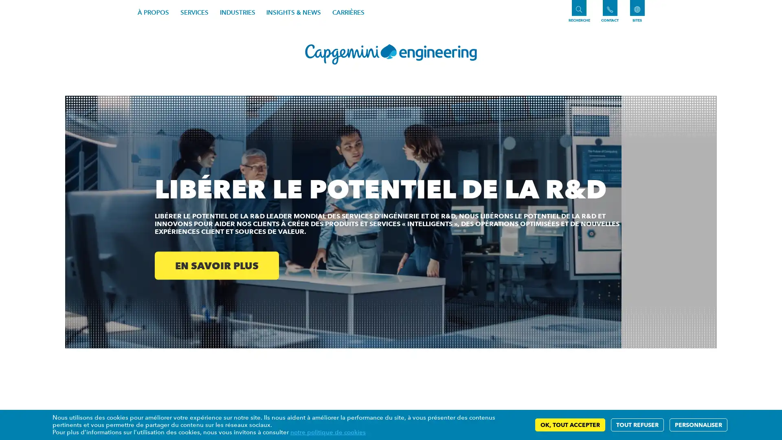  I want to click on OK, TOUT ACCEPTER, so click(570, 424).